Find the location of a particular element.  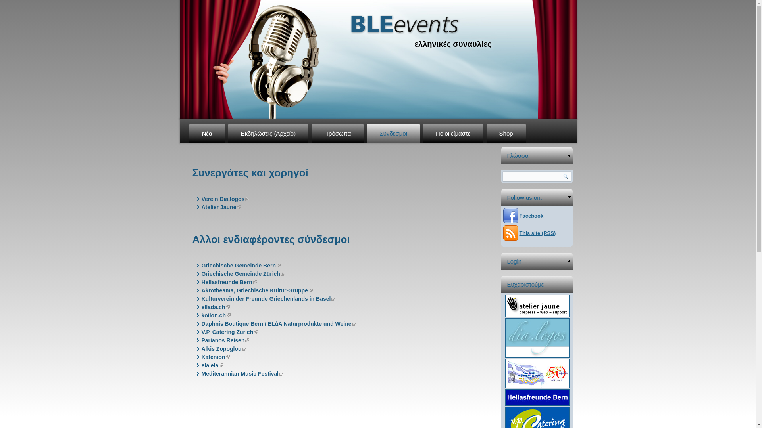

'Verein Dia.logos is located at coordinates (225, 198).